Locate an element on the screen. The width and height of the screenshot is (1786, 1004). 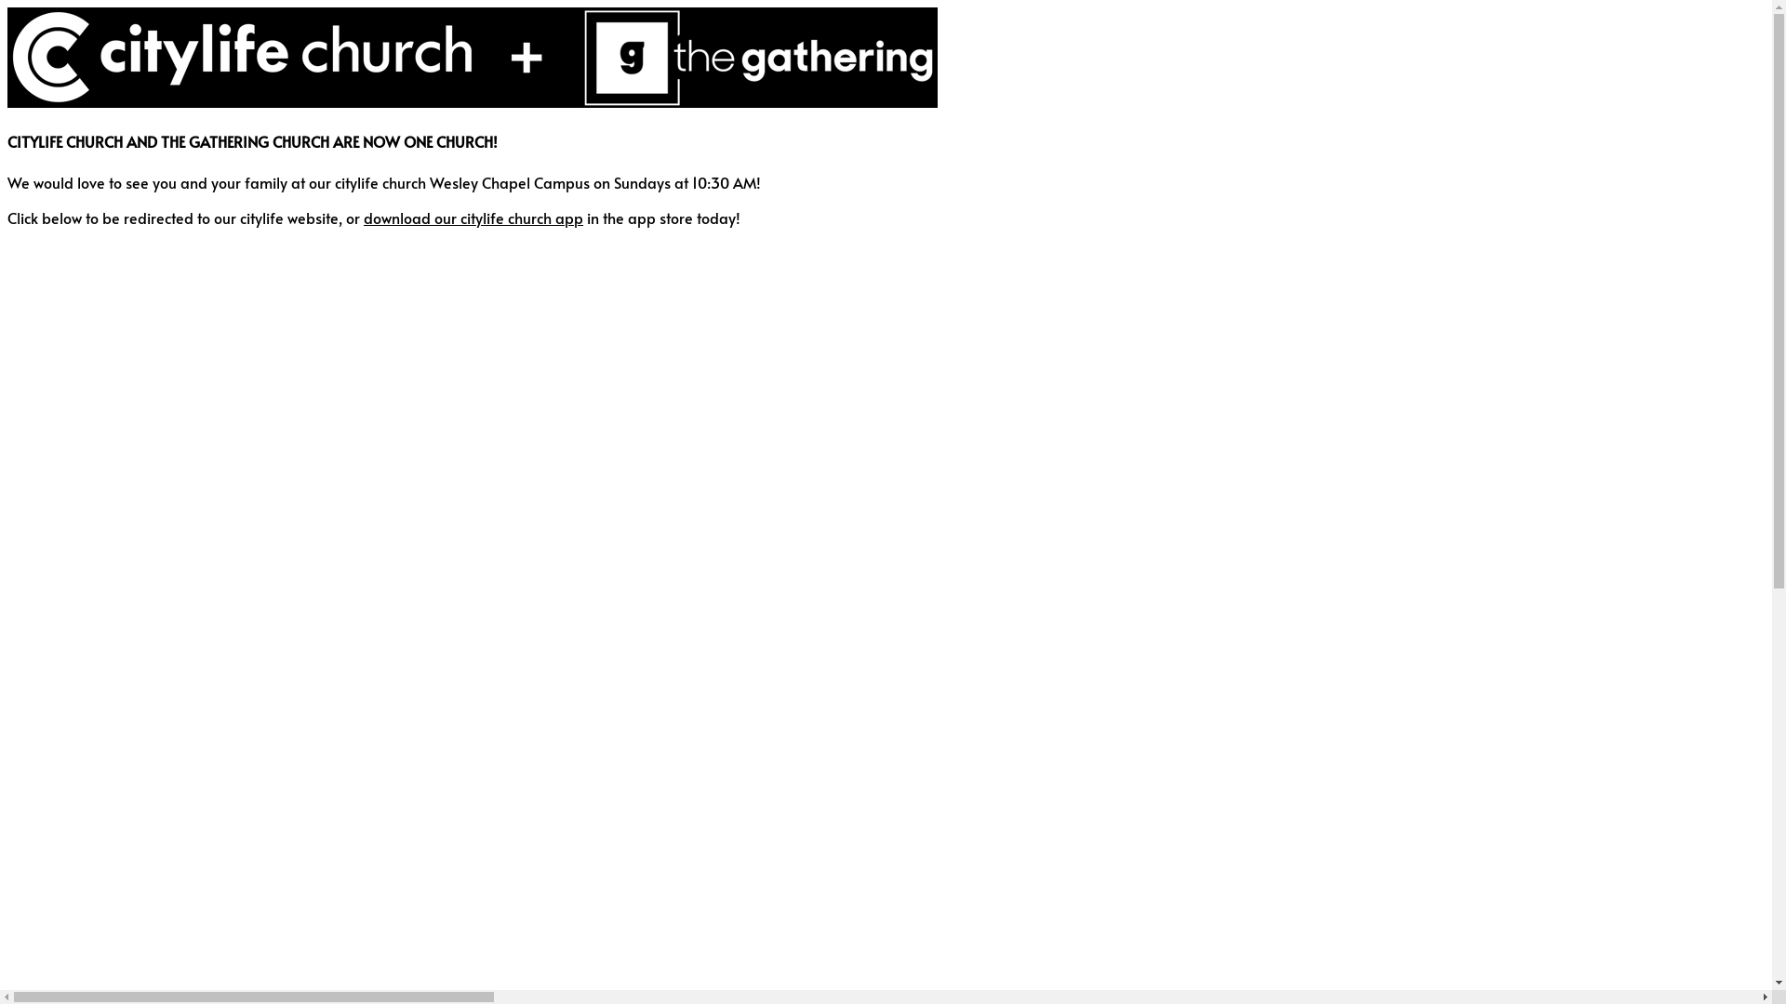
'download our citylife church app' is located at coordinates (363, 217).